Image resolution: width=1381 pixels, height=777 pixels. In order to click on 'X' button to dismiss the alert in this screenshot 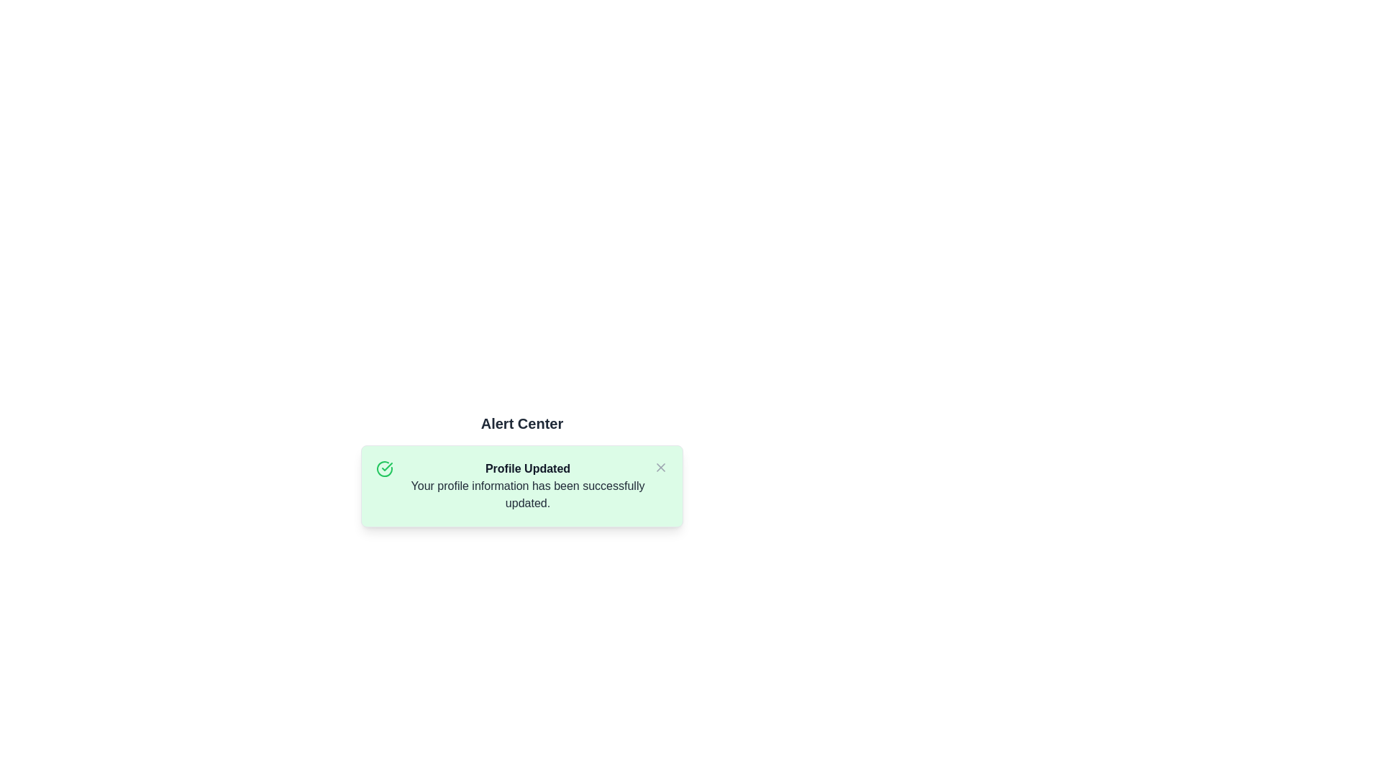, I will do `click(660, 468)`.